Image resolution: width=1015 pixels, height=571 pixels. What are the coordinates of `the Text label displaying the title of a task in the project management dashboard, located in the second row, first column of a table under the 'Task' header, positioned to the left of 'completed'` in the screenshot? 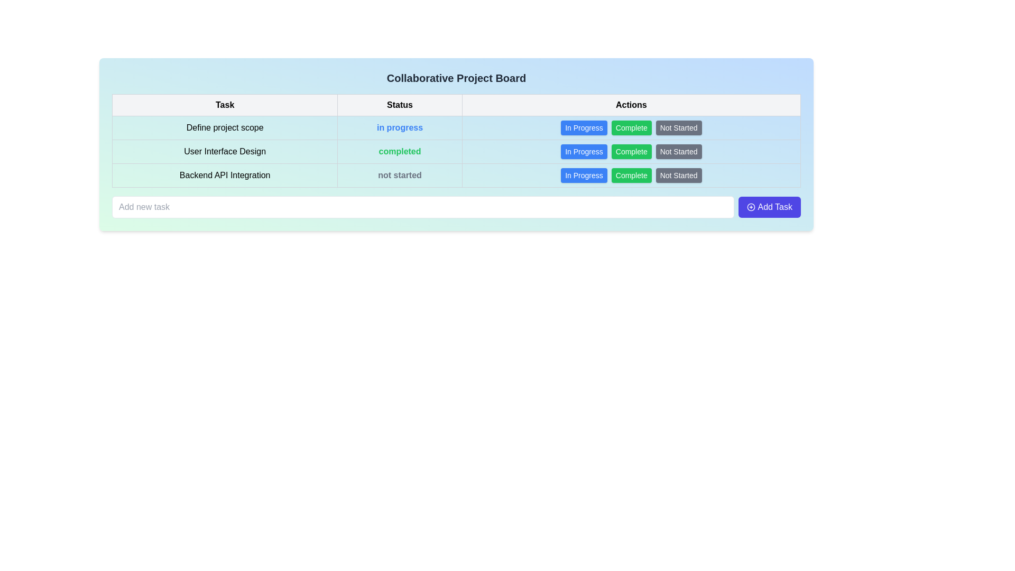 It's located at (224, 151).